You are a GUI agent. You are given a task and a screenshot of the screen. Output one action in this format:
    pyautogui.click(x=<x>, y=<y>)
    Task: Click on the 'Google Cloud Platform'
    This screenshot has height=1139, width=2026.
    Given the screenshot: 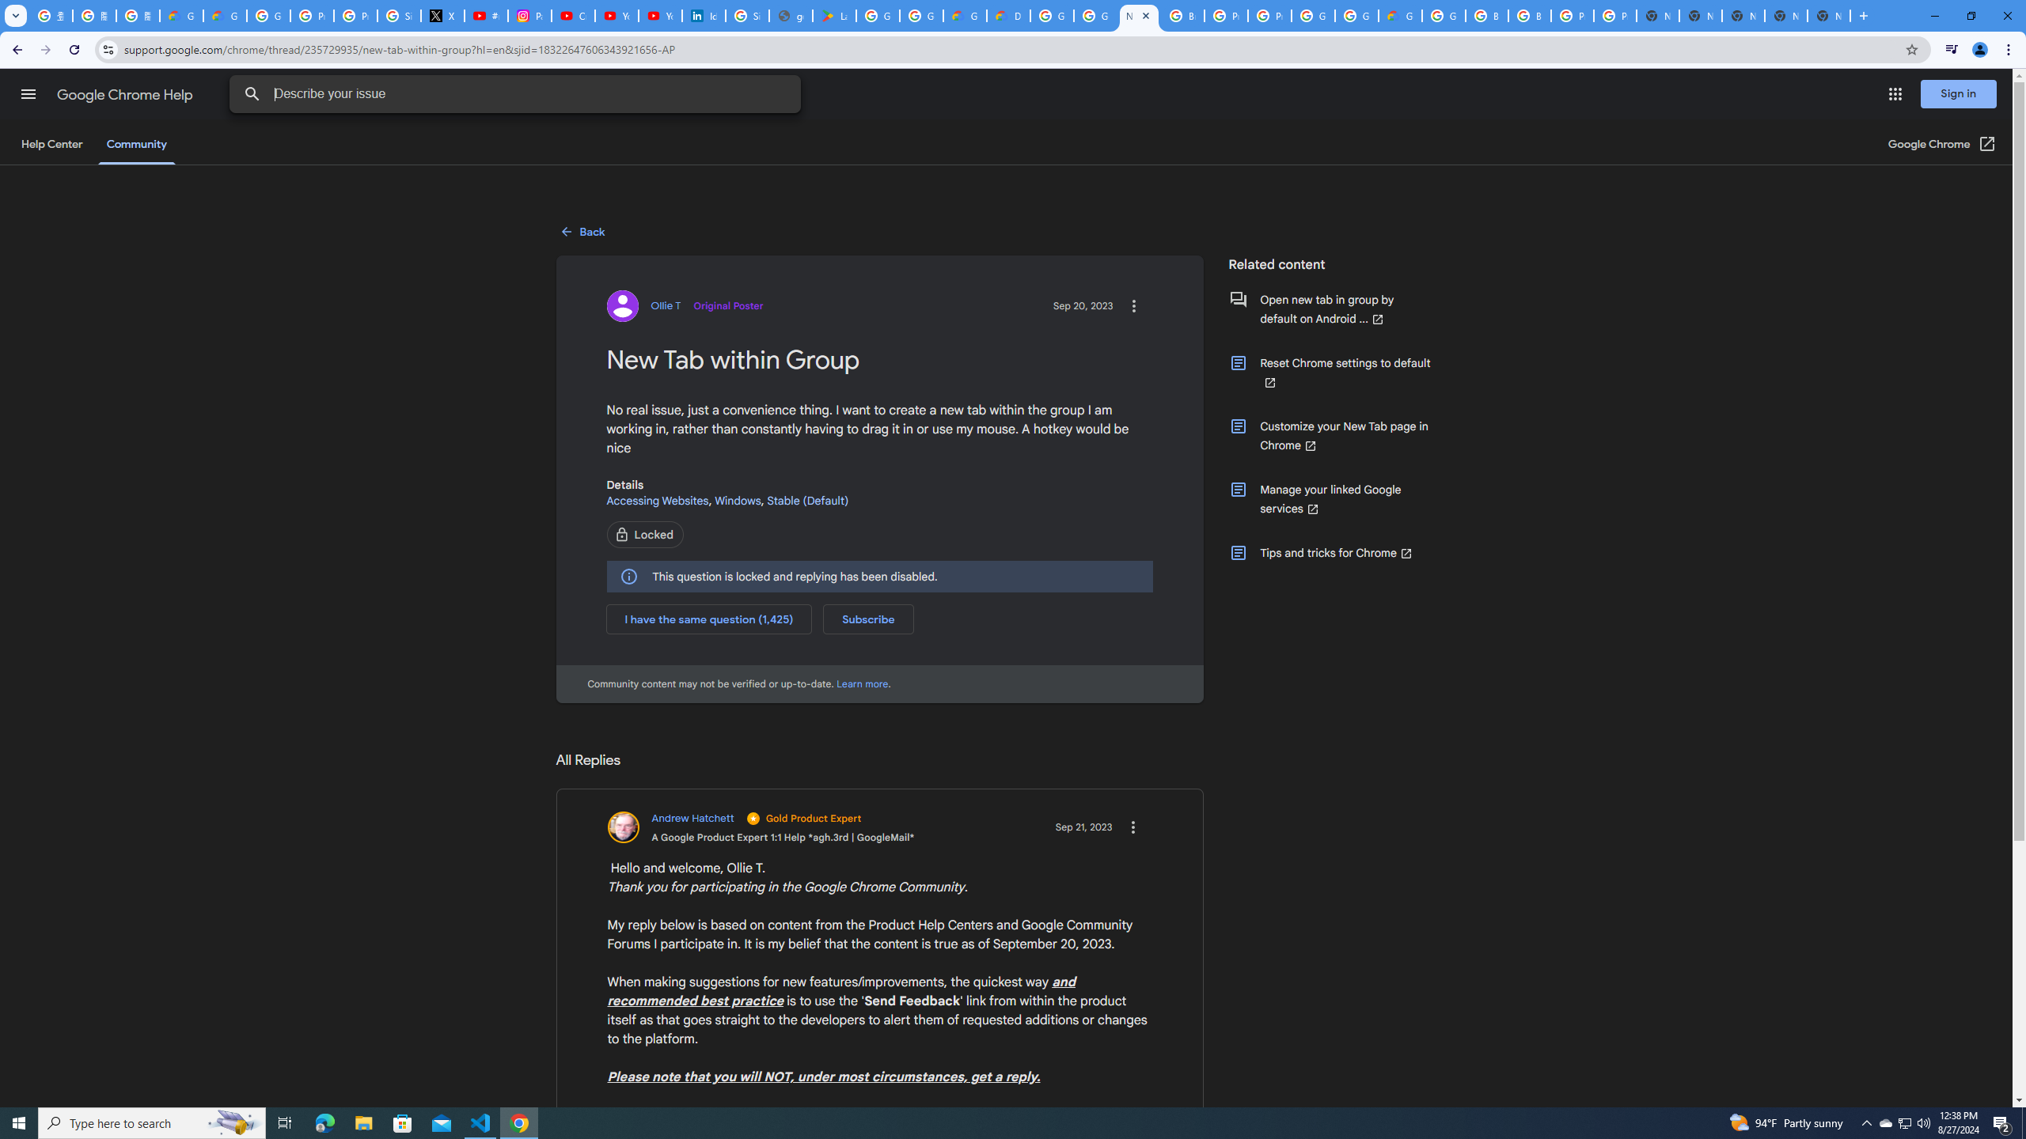 What is the action you would take?
    pyautogui.click(x=1355, y=15)
    